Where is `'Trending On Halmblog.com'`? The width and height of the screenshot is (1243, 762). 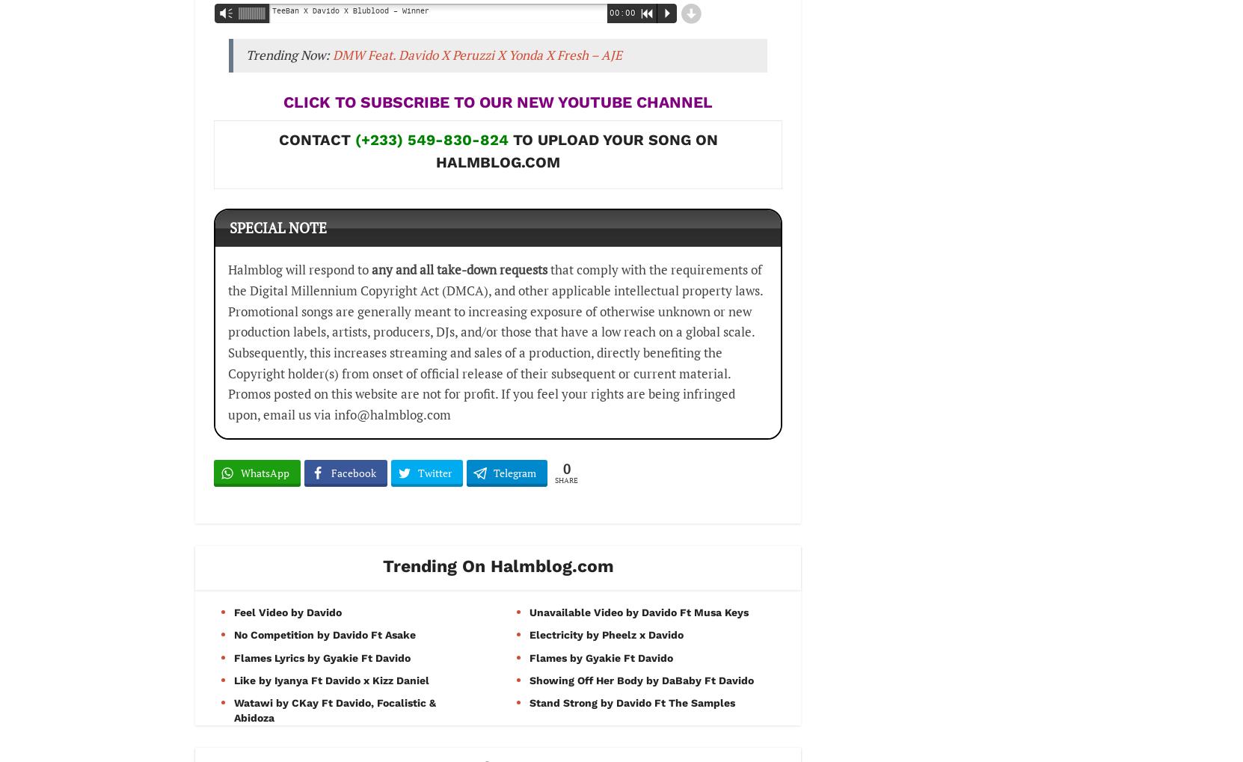 'Trending On Halmblog.com' is located at coordinates (497, 565).